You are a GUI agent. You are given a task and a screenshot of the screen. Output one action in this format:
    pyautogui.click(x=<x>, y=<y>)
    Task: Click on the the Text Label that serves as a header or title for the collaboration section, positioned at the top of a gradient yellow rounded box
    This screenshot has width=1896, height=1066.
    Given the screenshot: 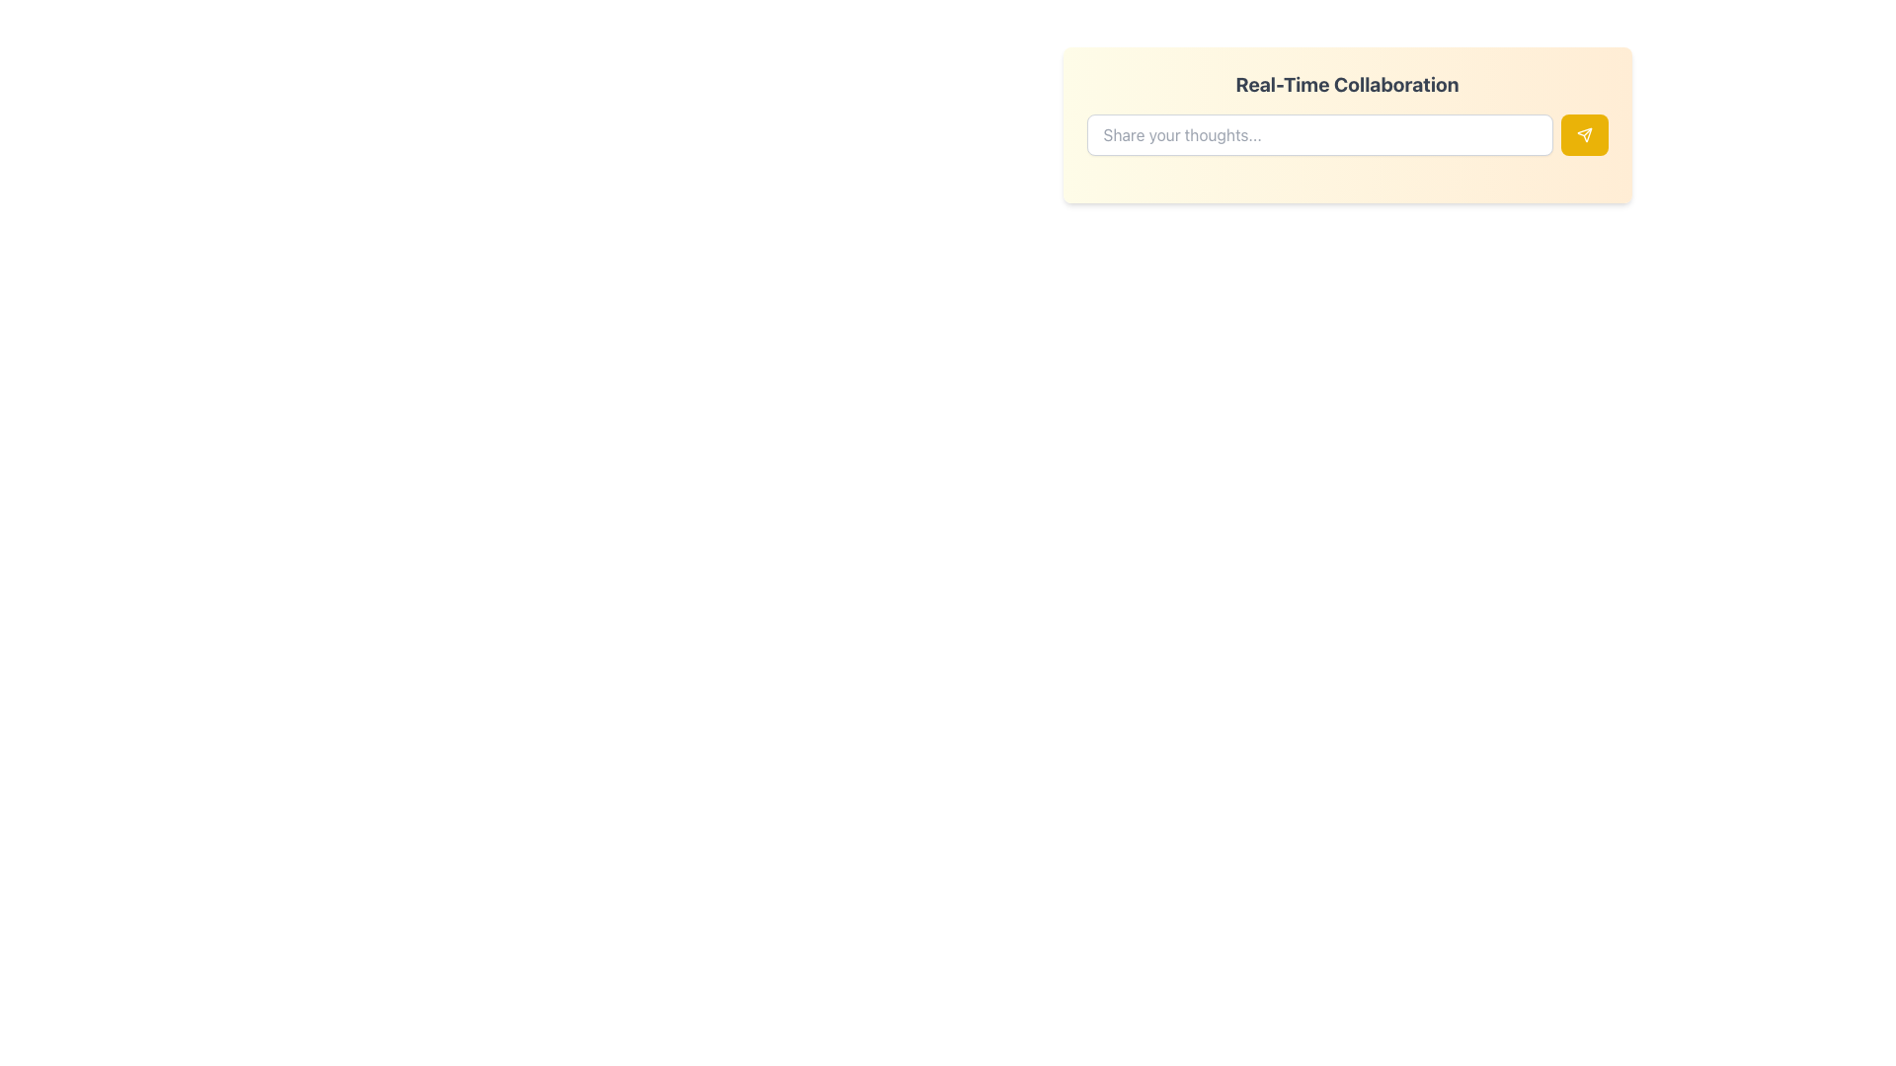 What is the action you would take?
    pyautogui.click(x=1346, y=83)
    